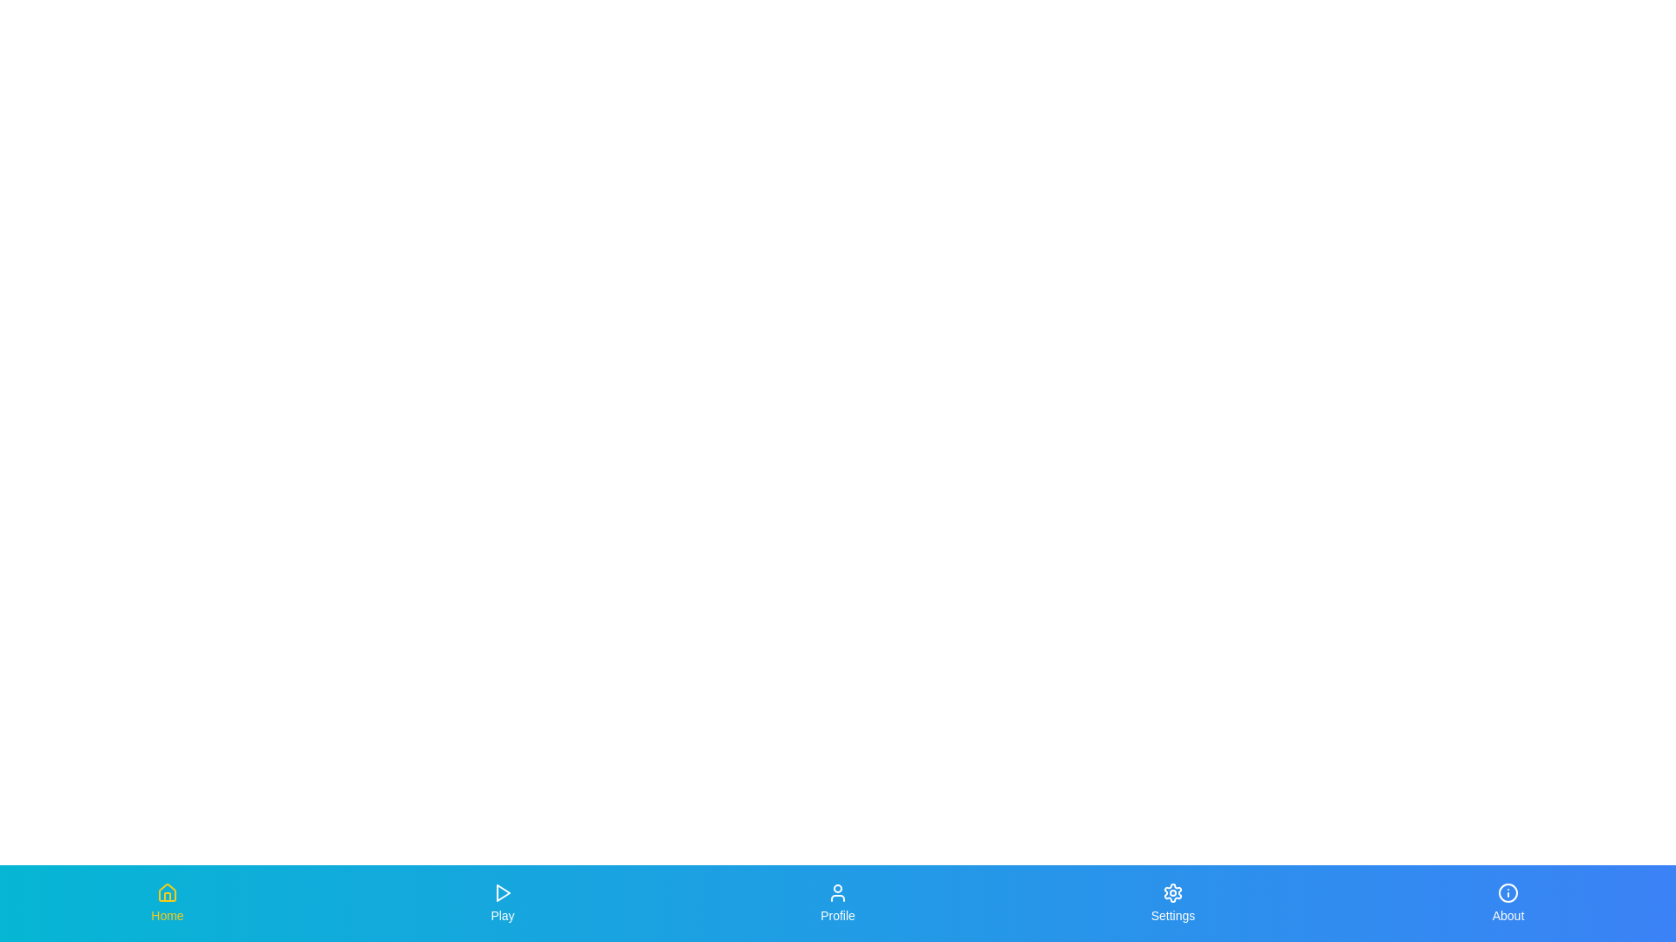  Describe the element at coordinates (1508, 903) in the screenshot. I see `the tab labeled 'About'` at that location.